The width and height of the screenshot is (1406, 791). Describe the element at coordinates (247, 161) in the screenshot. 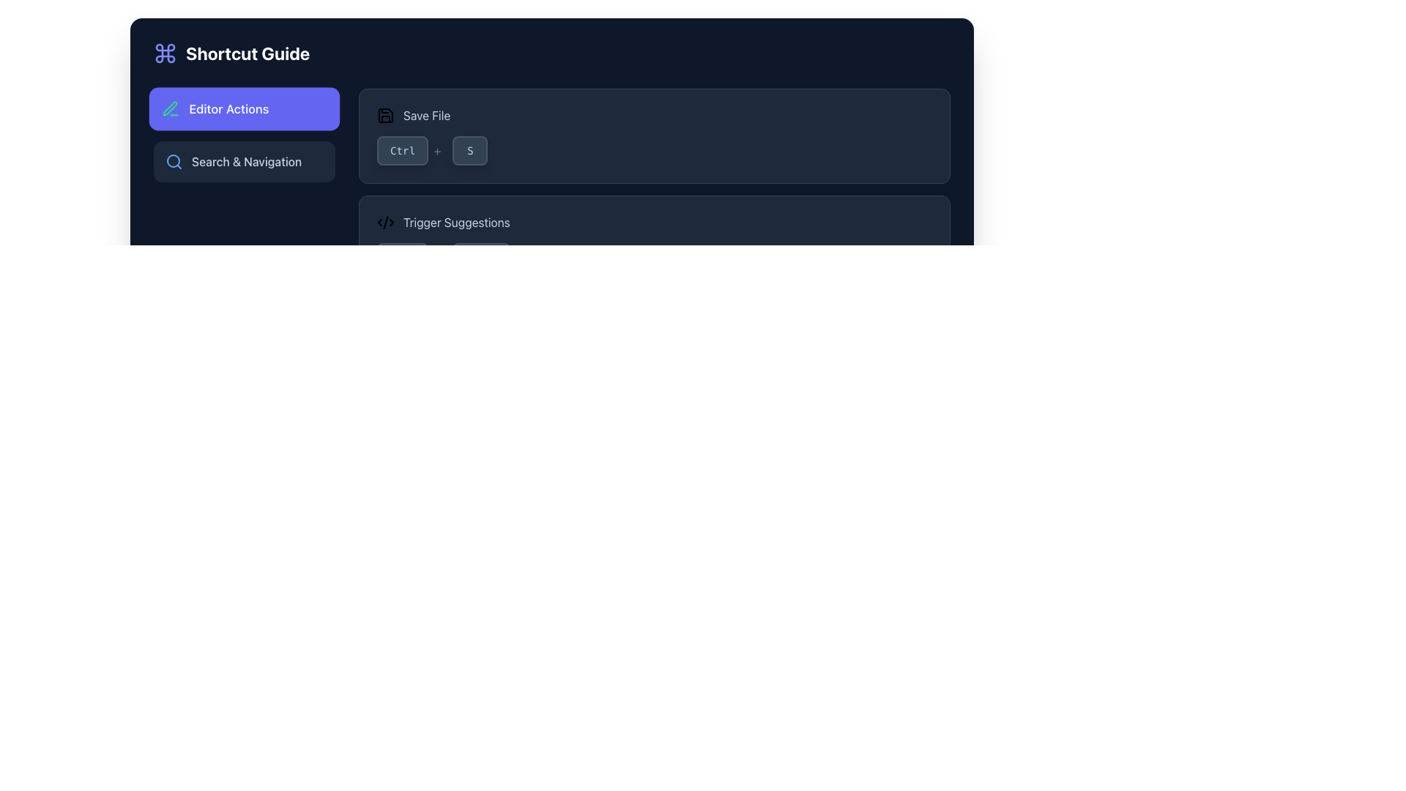

I see `the 'Search & Navigation' label, which is styled with a medium font weight and is centrally positioned within a dark-themed interface` at that location.